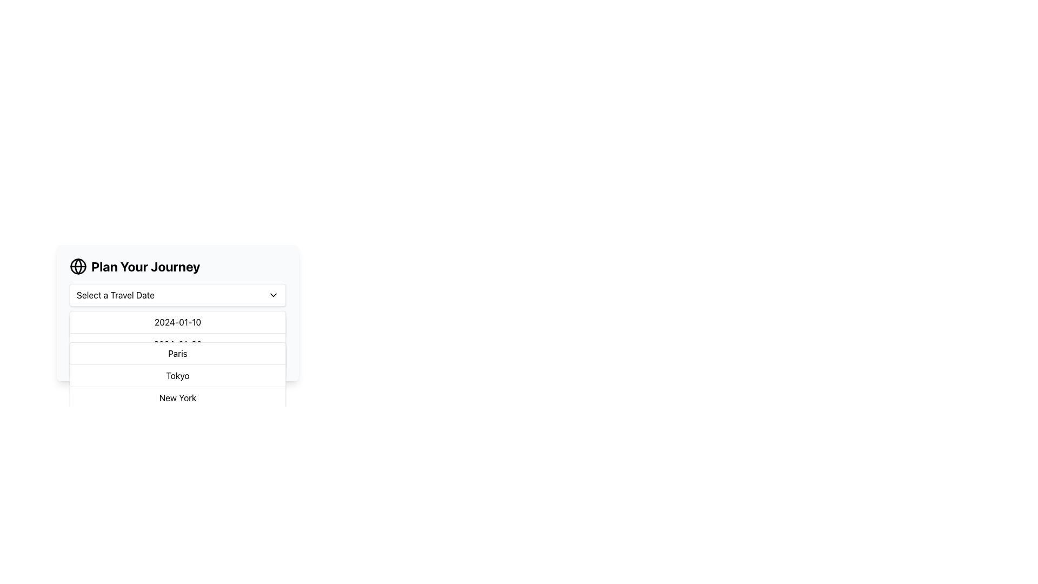 Image resolution: width=1038 pixels, height=584 pixels. I want to click on the text label containing the date '2024-01-10' in the dropdown menu under 'Plan Your Journey', so click(178, 326).